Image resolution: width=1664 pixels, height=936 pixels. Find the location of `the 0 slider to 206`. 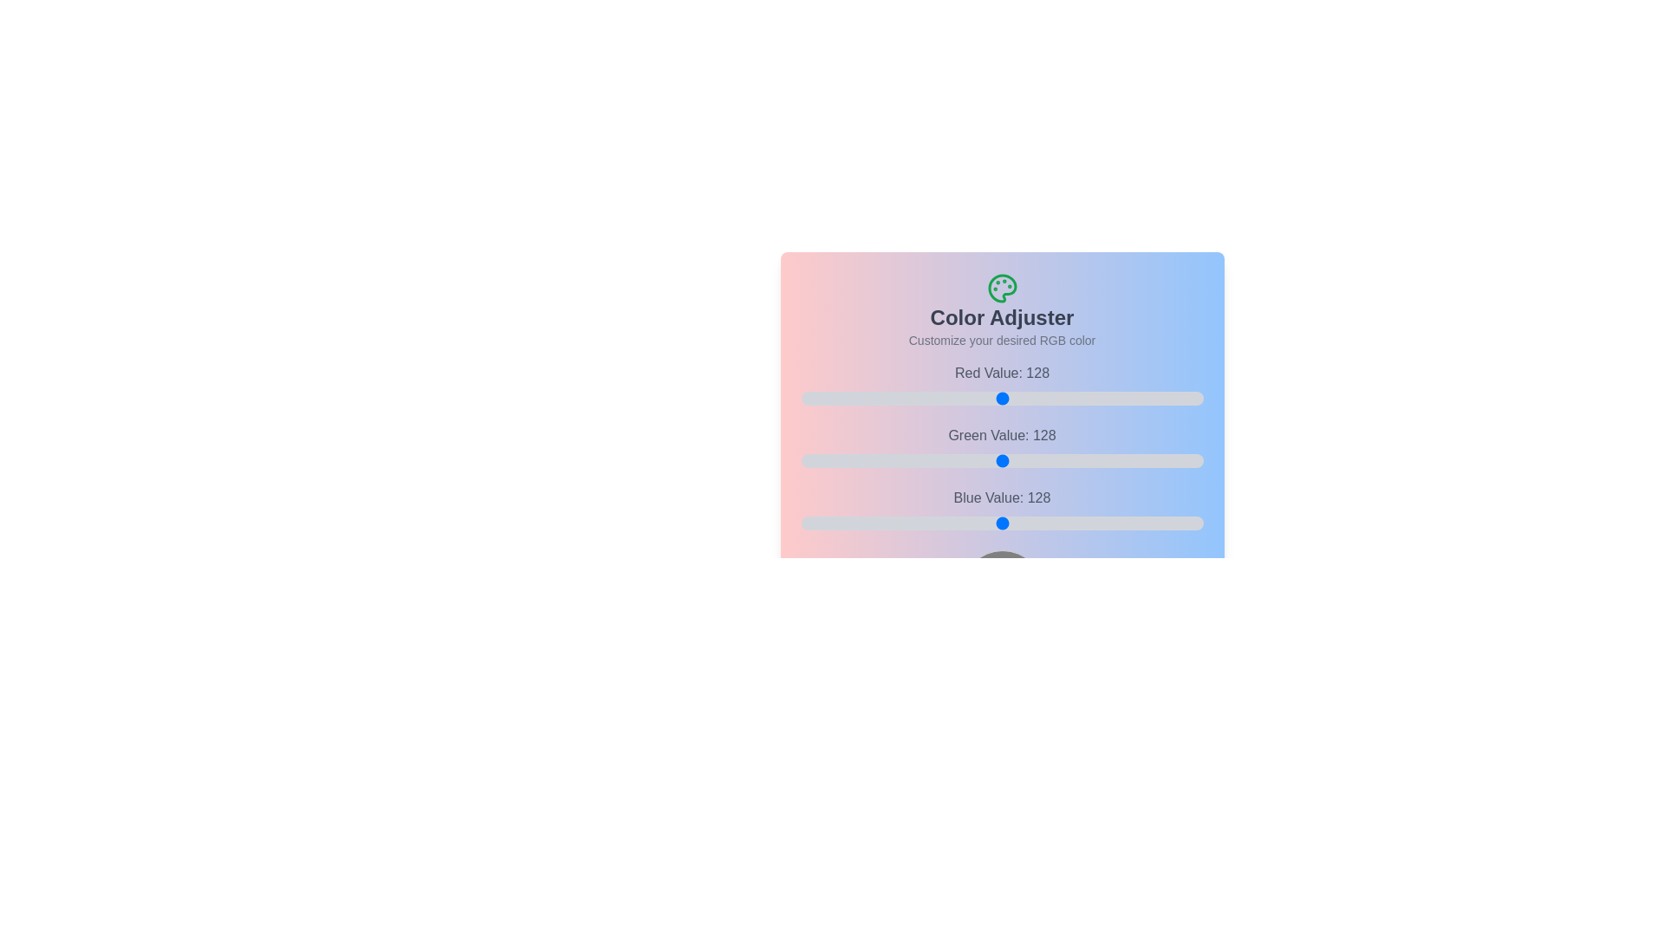

the 0 slider to 206 is located at coordinates (1165, 398).